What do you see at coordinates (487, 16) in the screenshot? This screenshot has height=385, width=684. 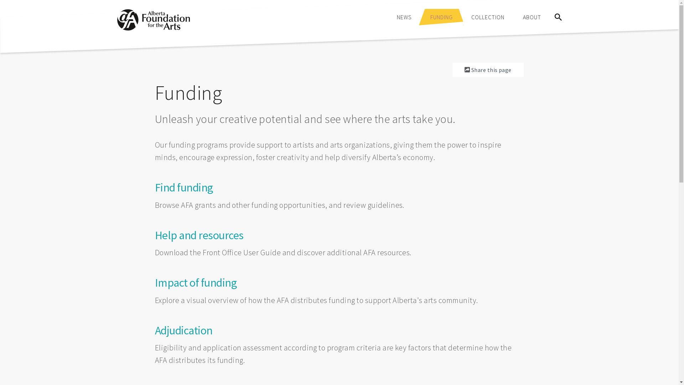 I see `'COLLECTION'` at bounding box center [487, 16].